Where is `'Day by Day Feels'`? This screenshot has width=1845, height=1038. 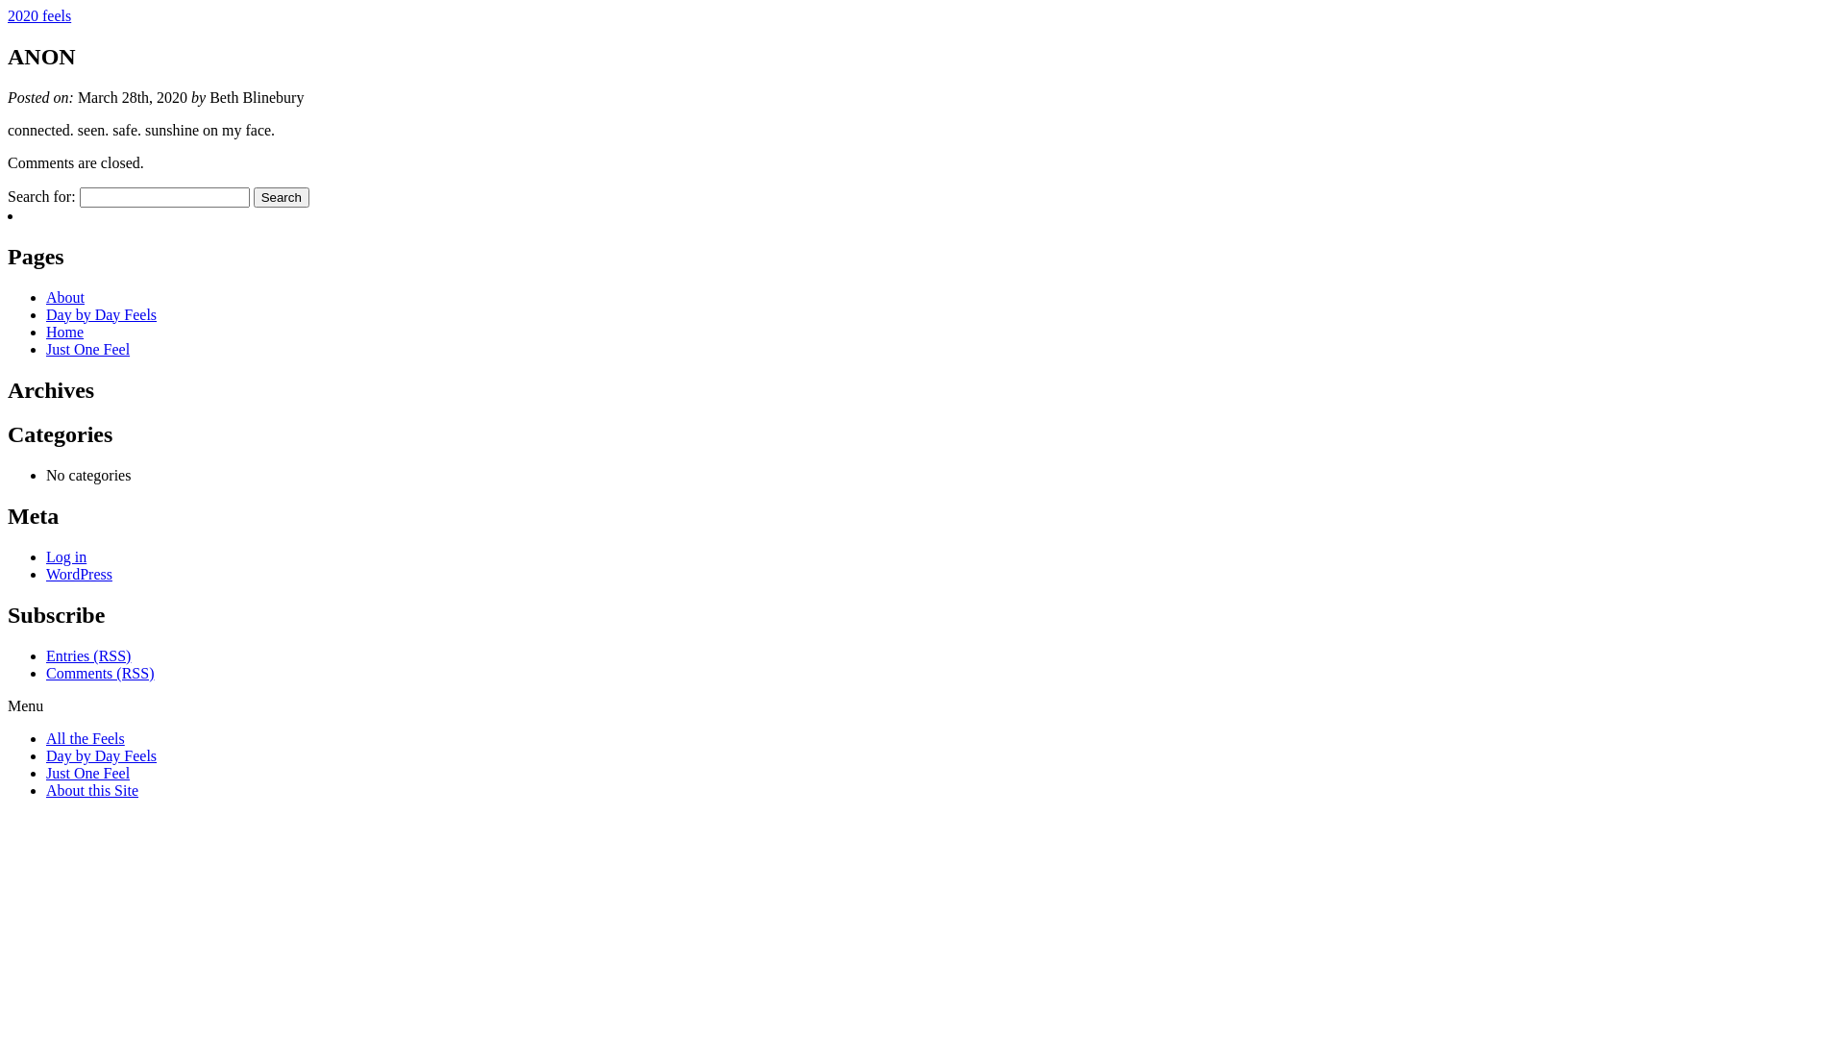 'Day by Day Feels' is located at coordinates (100, 754).